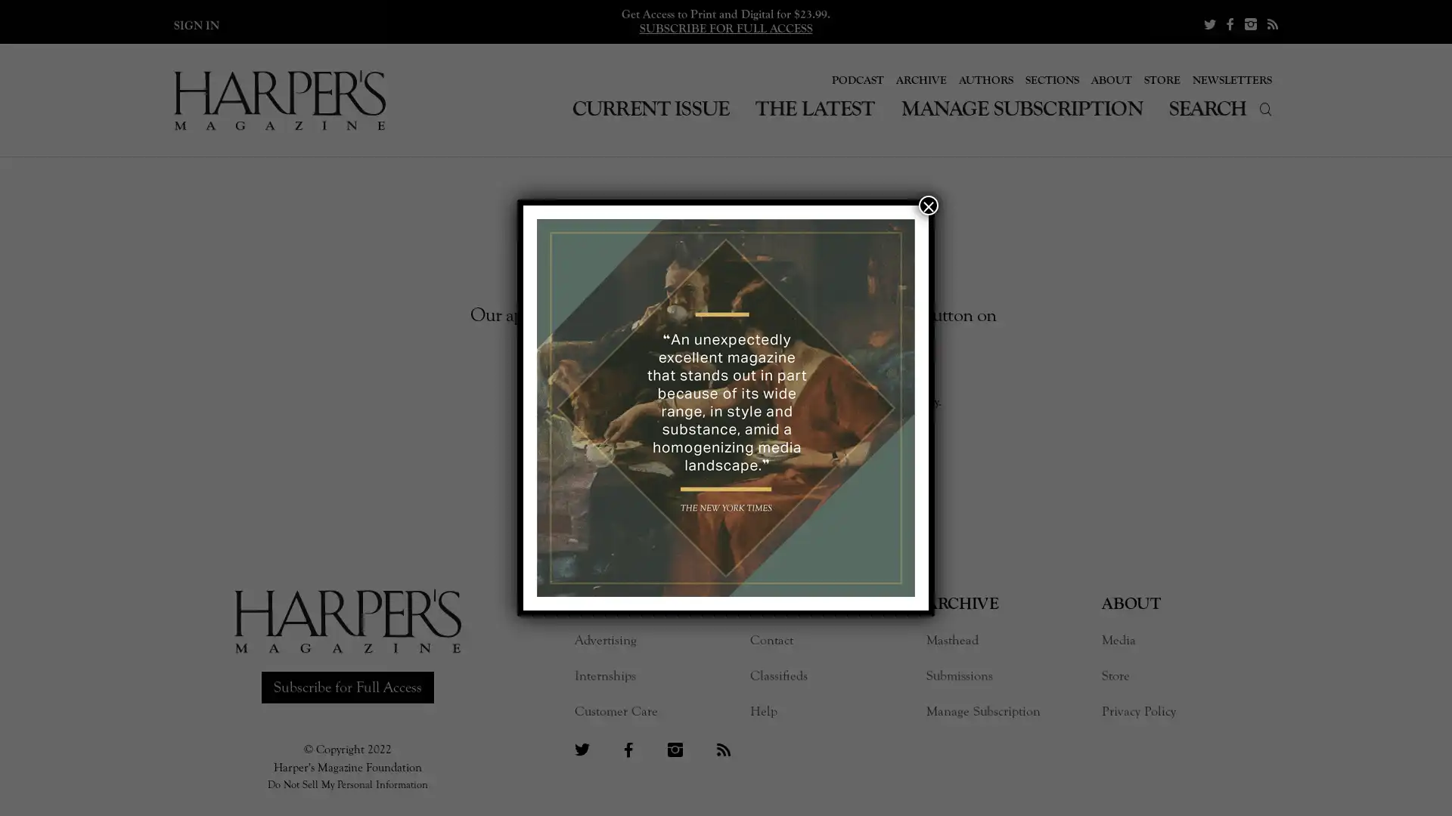  Describe the element at coordinates (928, 206) in the screenshot. I see `Close` at that location.